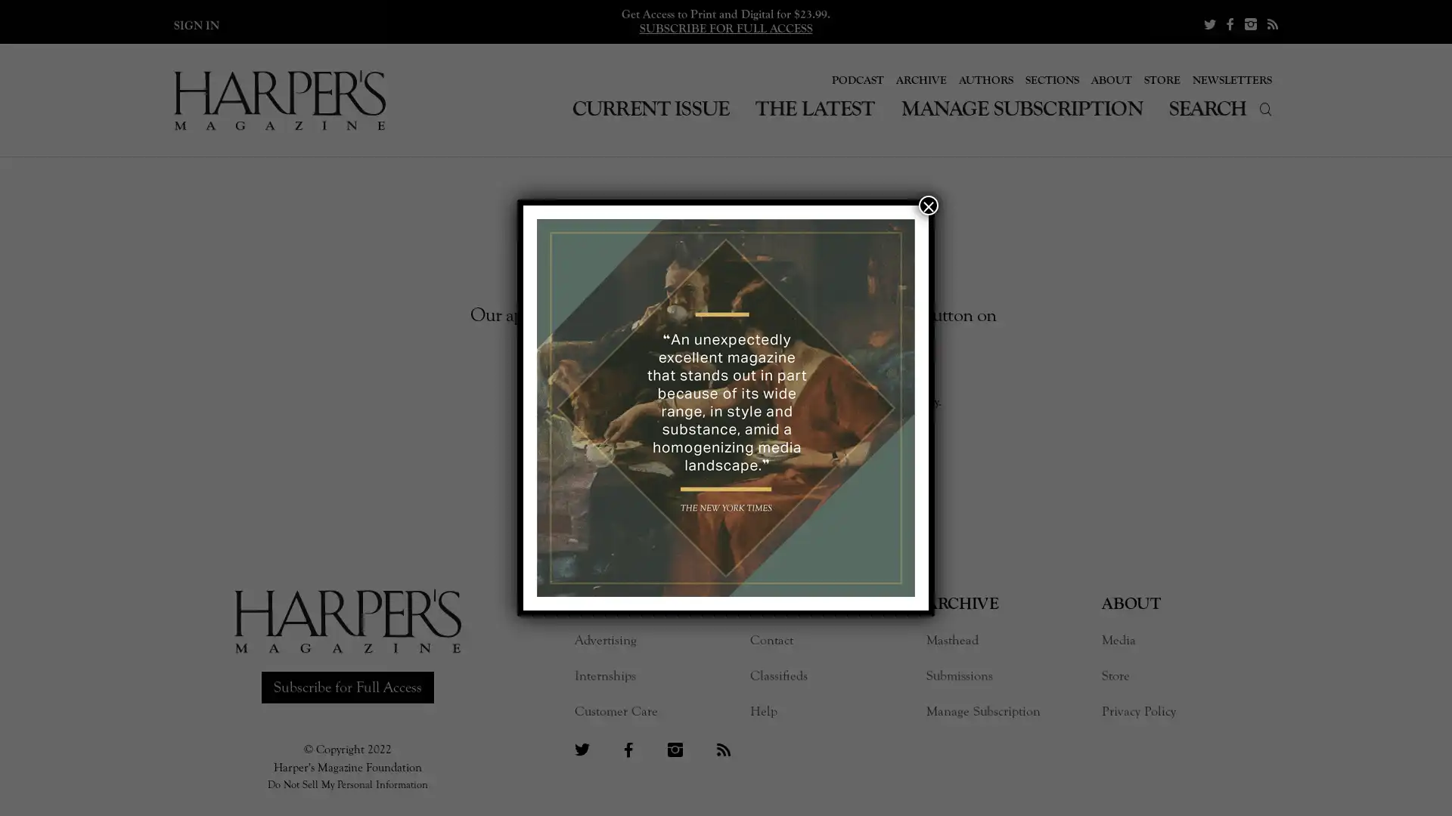  Describe the element at coordinates (928, 206) in the screenshot. I see `Close` at that location.